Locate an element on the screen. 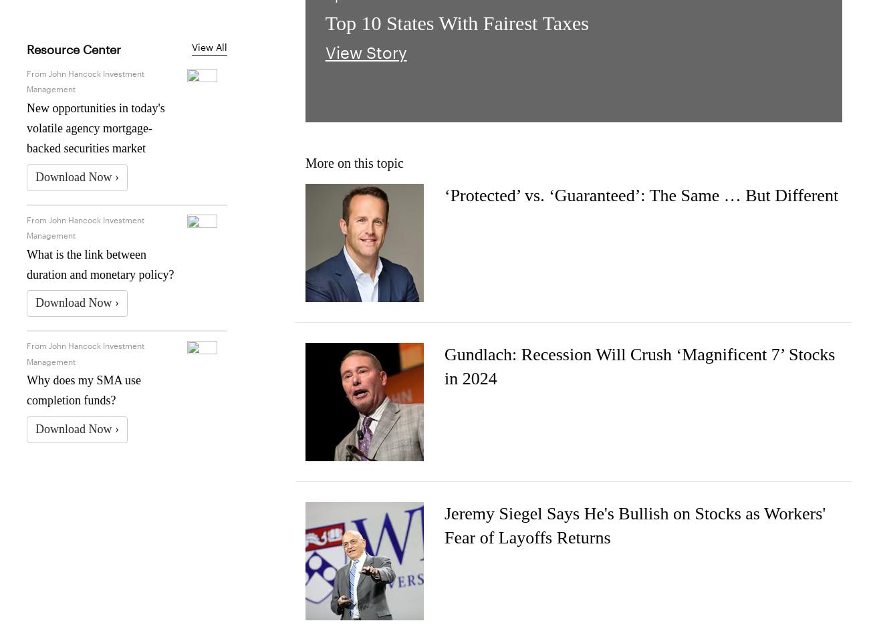 Image resolution: width=869 pixels, height=631 pixels. 'View All' is located at coordinates (209, 45).